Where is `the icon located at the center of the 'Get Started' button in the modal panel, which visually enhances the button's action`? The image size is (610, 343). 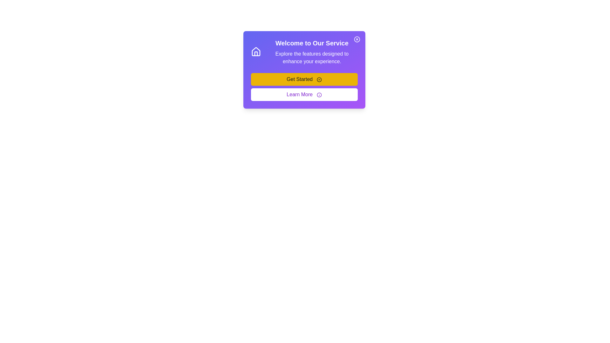 the icon located at the center of the 'Get Started' button in the modal panel, which visually enhances the button's action is located at coordinates (319, 79).